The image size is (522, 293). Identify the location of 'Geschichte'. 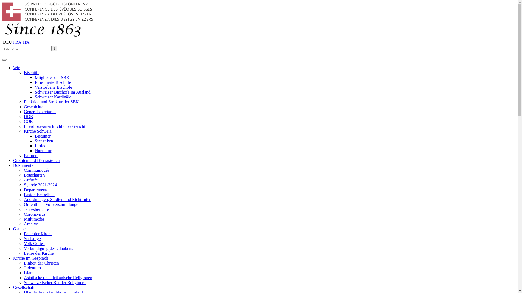
(33, 107).